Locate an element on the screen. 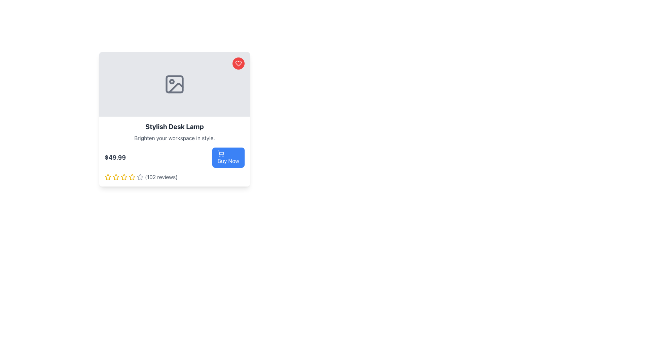 This screenshot has height=363, width=646. the price label displaying '$49.99' styled in bold, large gray font, positioned to the left of the 'Buy Now' button is located at coordinates (115, 158).